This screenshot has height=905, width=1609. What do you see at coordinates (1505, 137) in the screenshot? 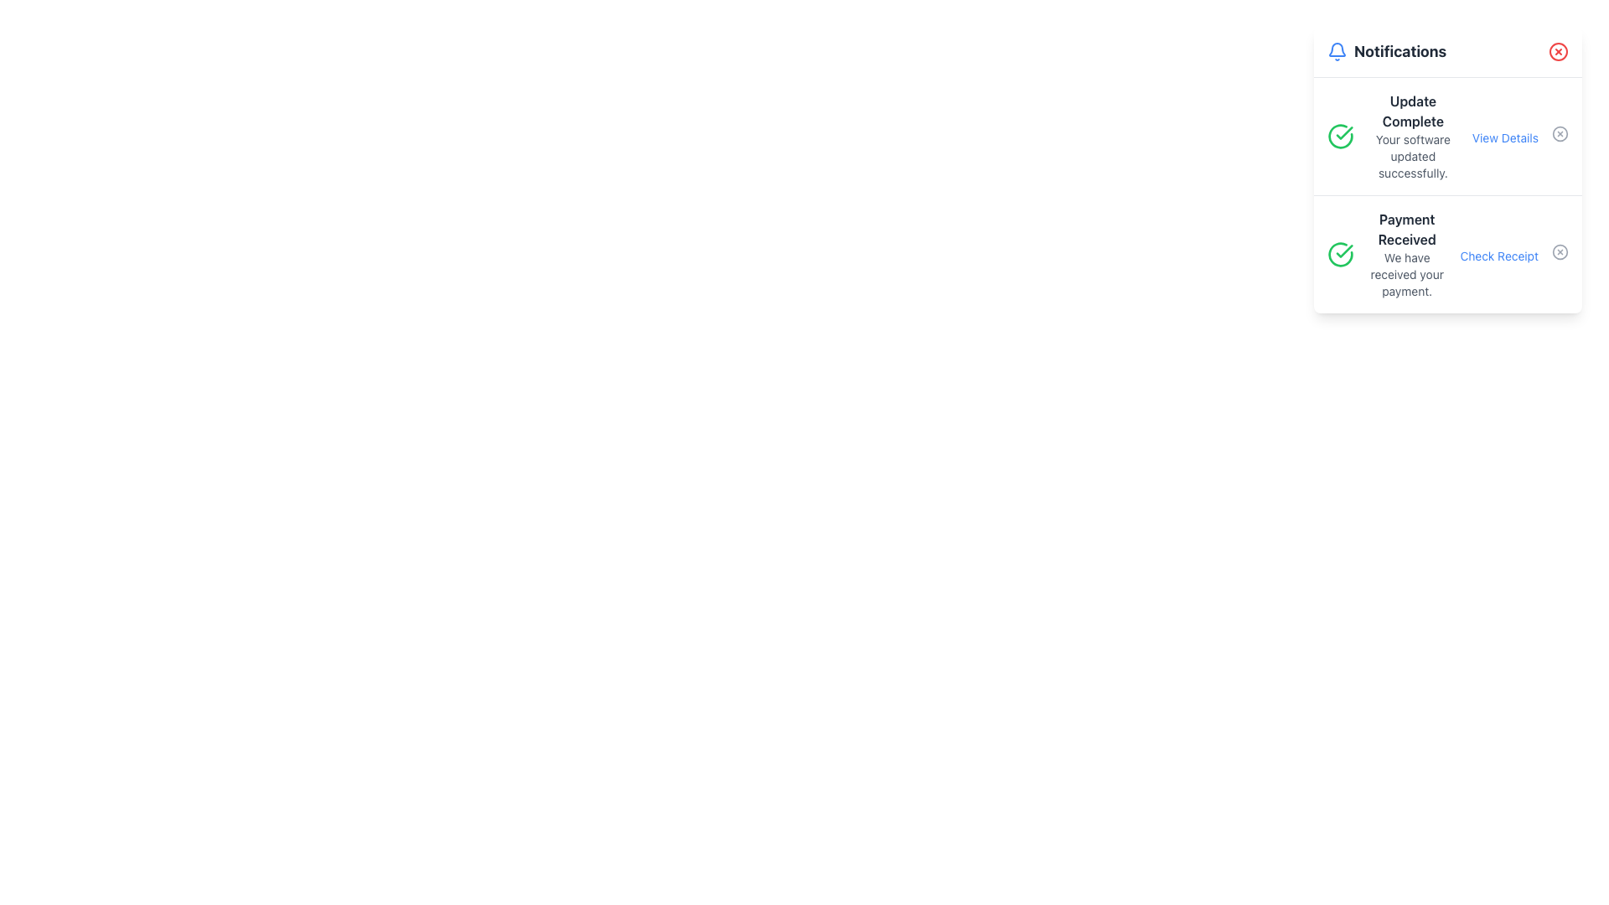
I see `the clickable link displaying 'View Details'` at bounding box center [1505, 137].